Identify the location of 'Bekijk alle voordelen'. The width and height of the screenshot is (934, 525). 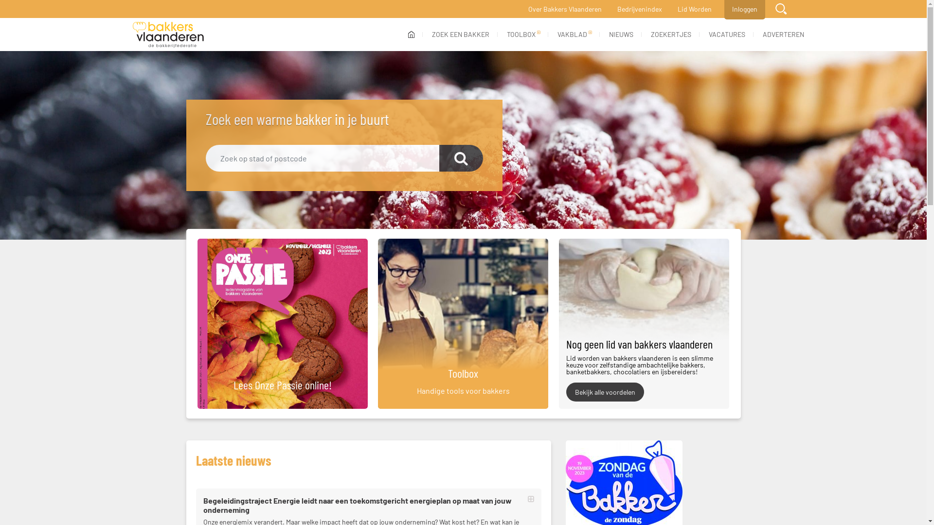
(604, 391).